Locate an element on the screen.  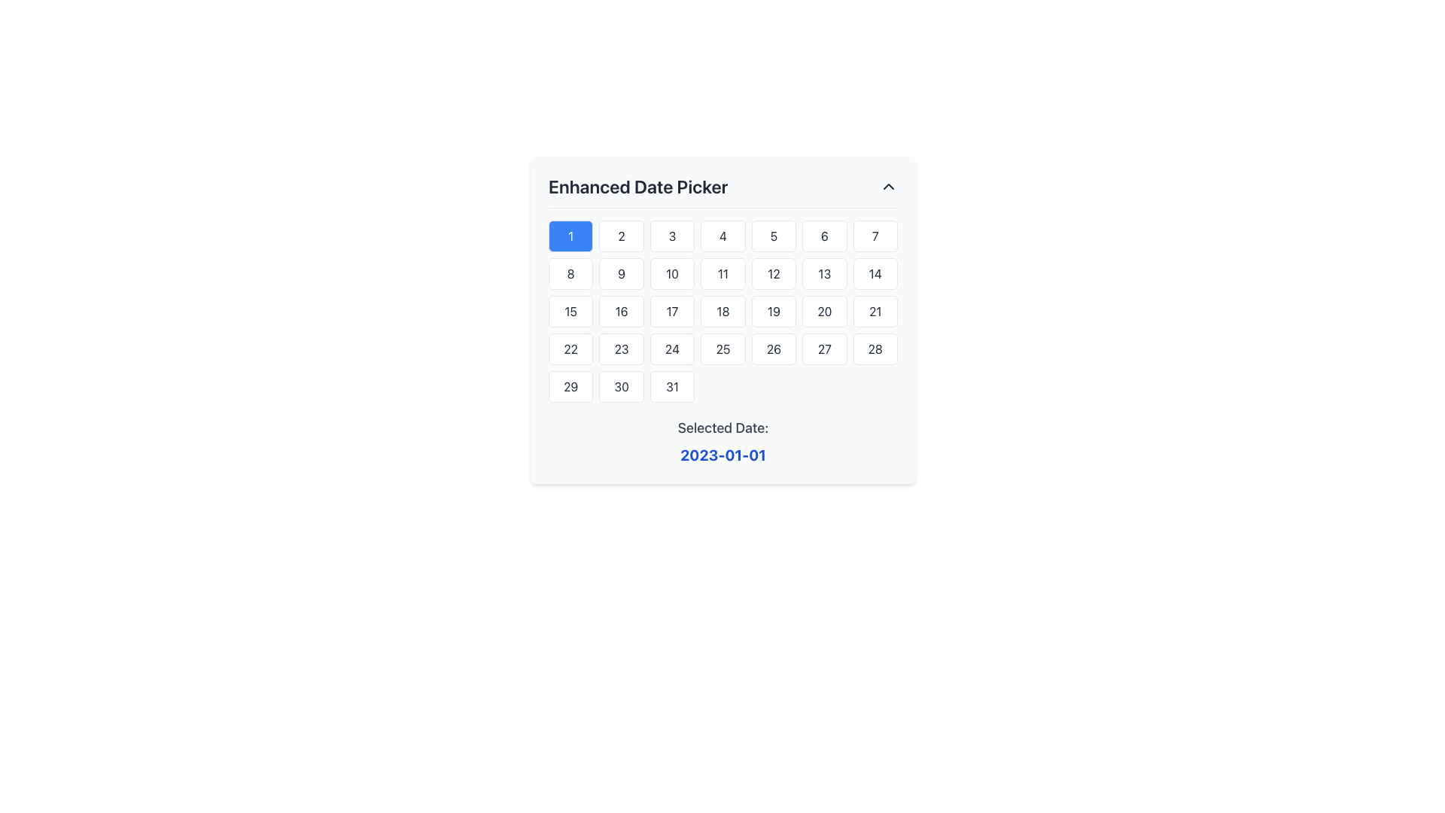
the selectable date button for '21' in the calendar-style grid is located at coordinates (875, 310).